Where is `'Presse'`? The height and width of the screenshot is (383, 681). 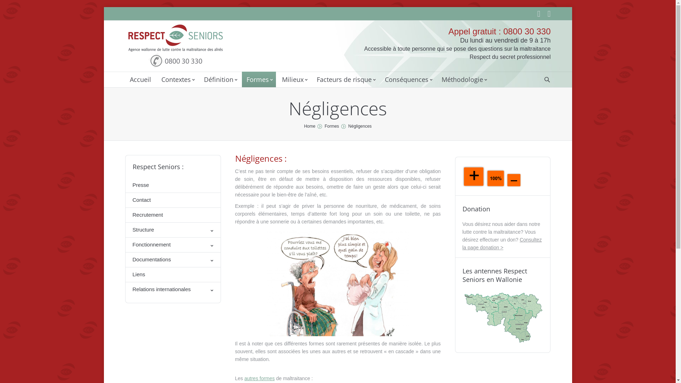 'Presse' is located at coordinates (173, 185).